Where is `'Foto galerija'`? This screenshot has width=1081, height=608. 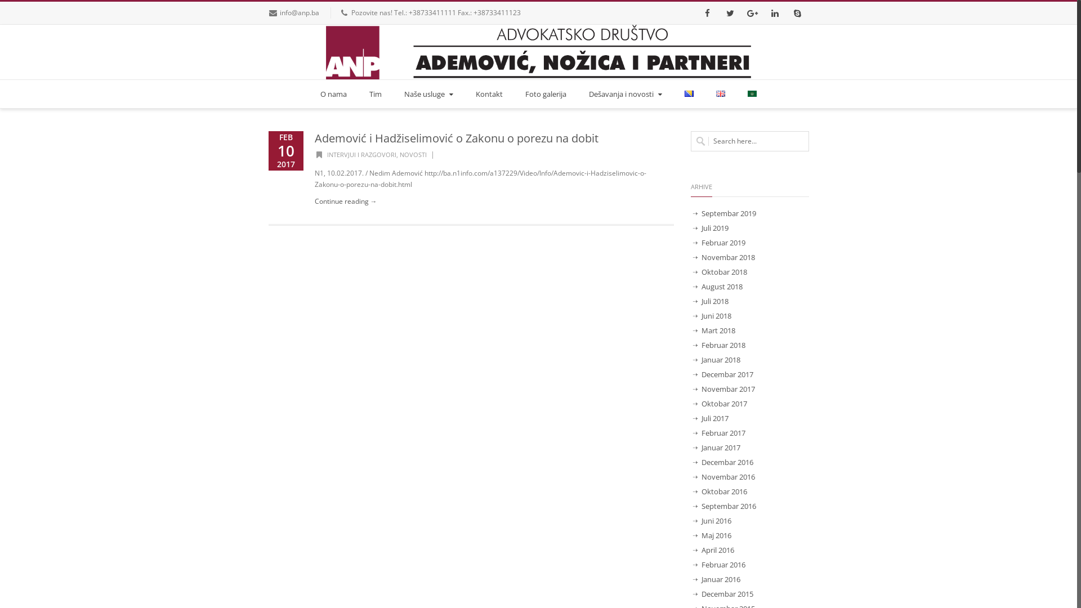 'Foto galerija' is located at coordinates (519, 93).